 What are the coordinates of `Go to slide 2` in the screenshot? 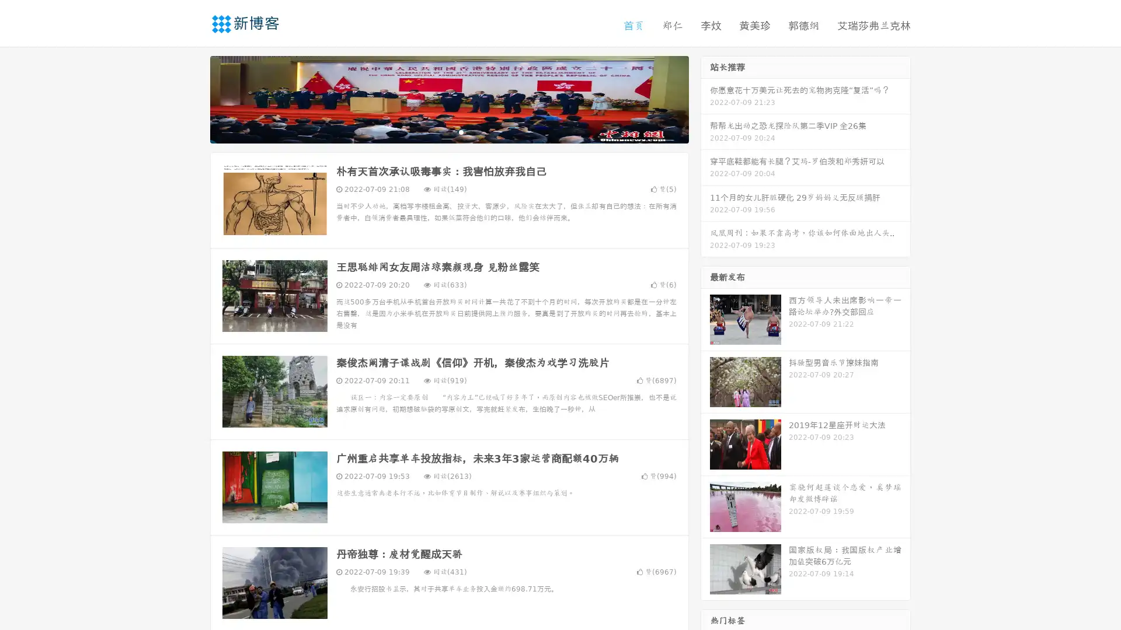 It's located at (448, 131).